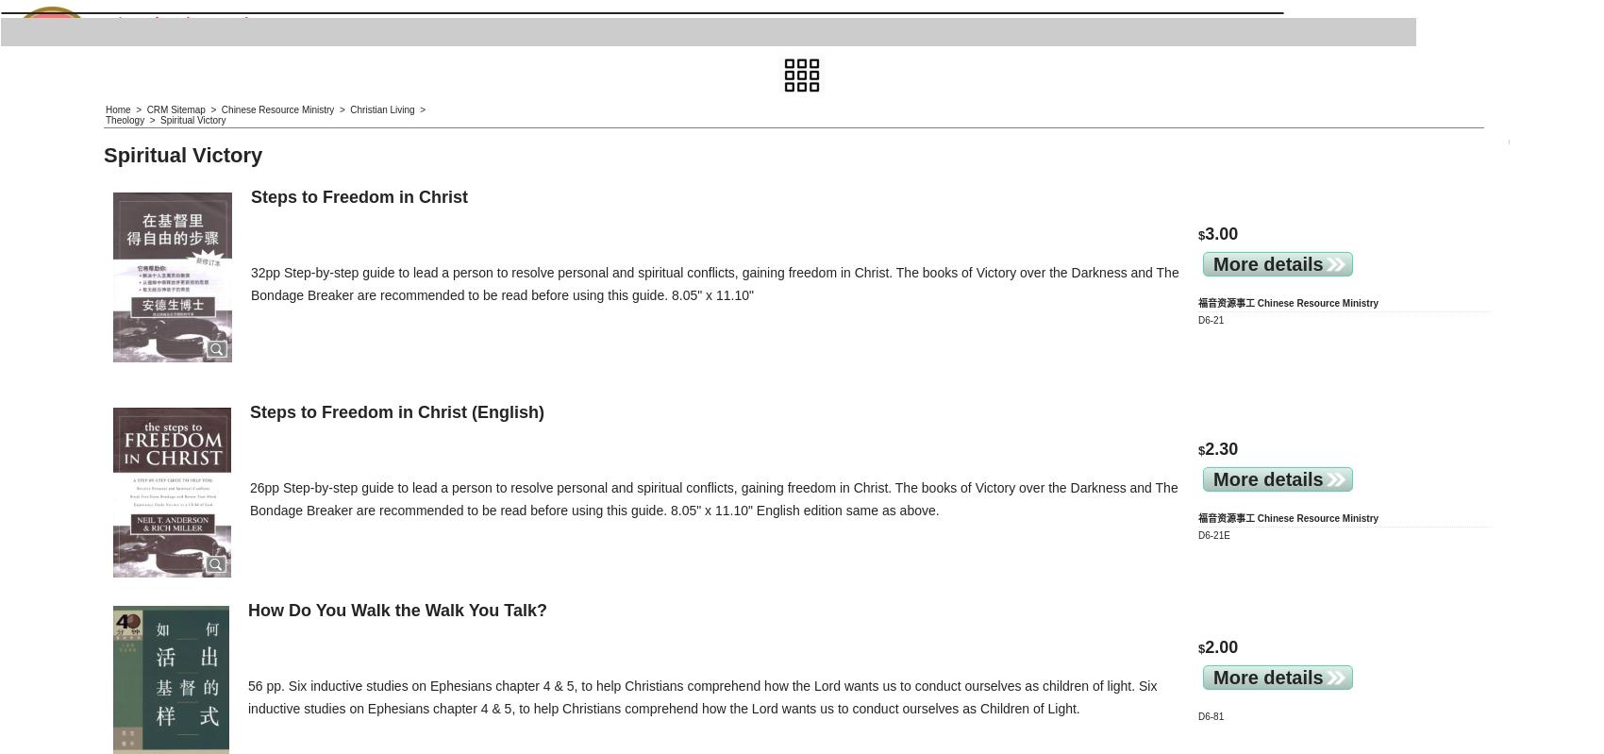 The width and height of the screenshot is (1604, 754). Describe the element at coordinates (1213, 534) in the screenshot. I see `'D6-21E'` at that location.